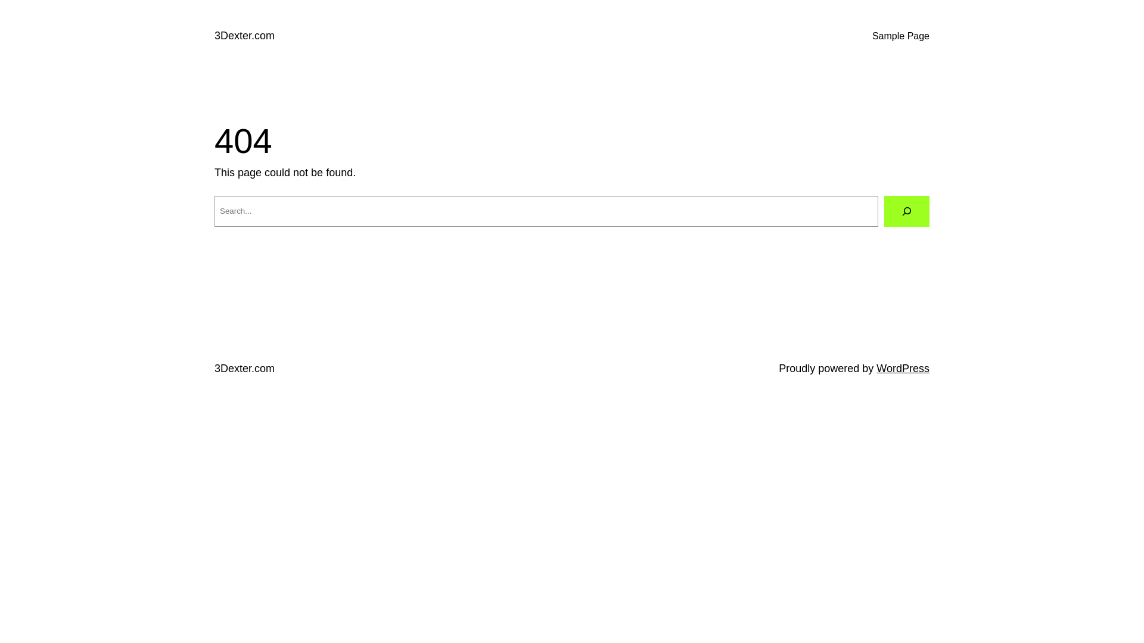  I want to click on '3Dexter.com', so click(244, 35).